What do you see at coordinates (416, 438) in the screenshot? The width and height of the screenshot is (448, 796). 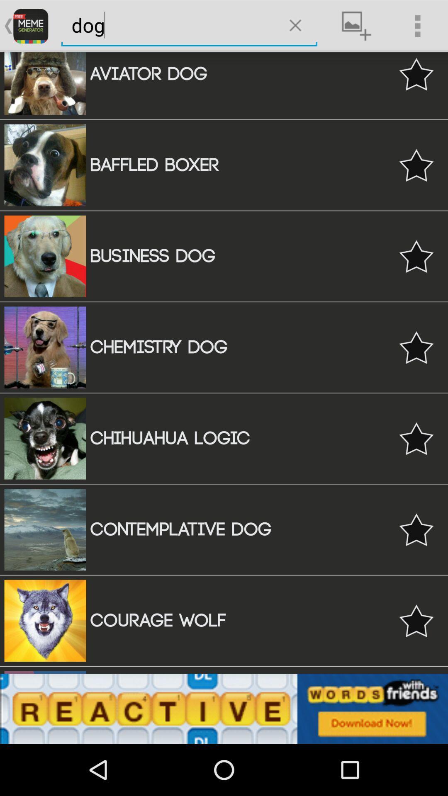 I see `the fifth star on web page` at bounding box center [416, 438].